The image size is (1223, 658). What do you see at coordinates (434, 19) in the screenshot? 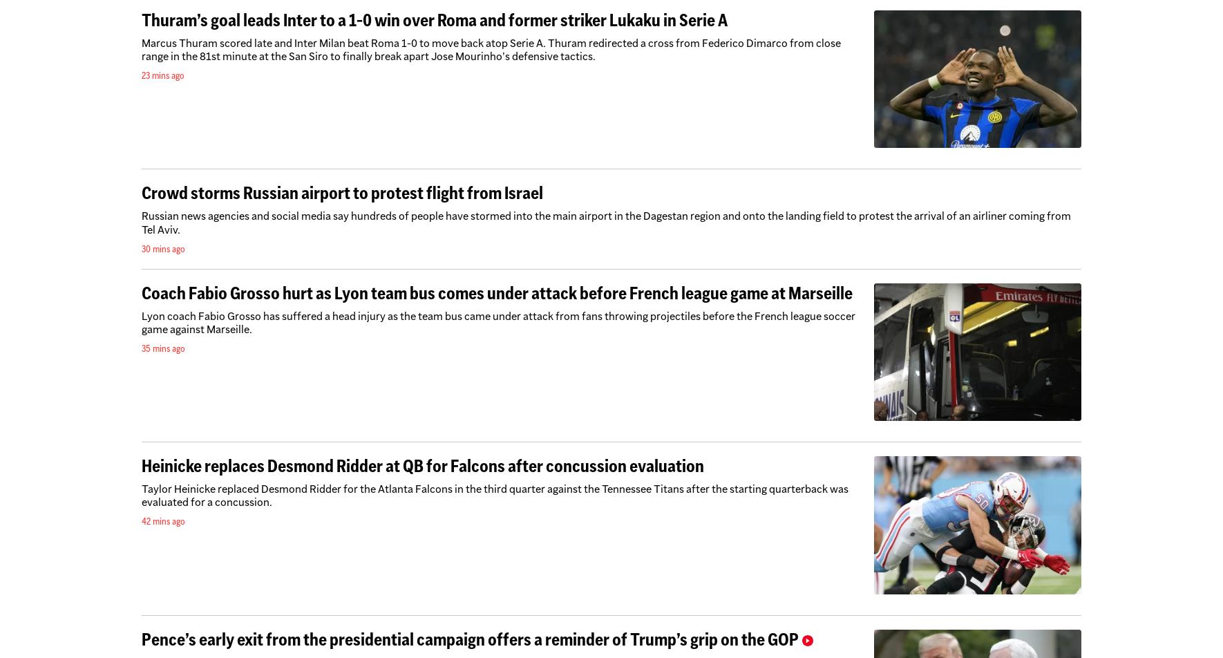
I see `'Thuram’s goal leads Inter to a 1-0 win over Roma and former striker Lukaku in Serie A'` at bounding box center [434, 19].